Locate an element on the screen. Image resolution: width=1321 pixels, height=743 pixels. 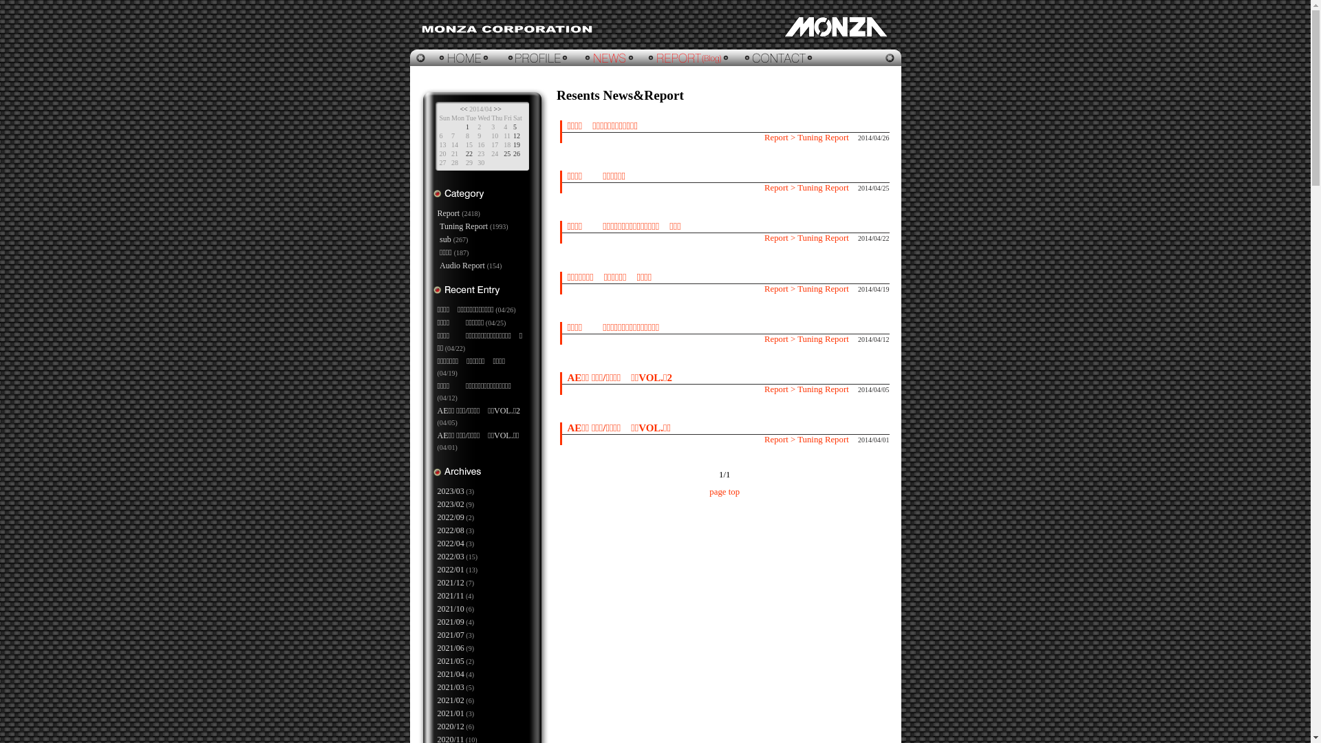
'REPORT(Blog)' is located at coordinates (689, 57).